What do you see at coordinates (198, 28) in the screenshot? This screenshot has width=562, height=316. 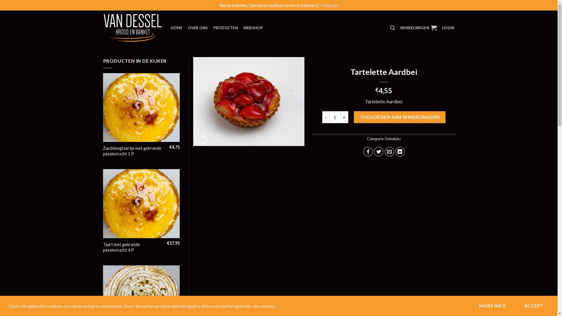 I see `'OVER ONS'` at bounding box center [198, 28].